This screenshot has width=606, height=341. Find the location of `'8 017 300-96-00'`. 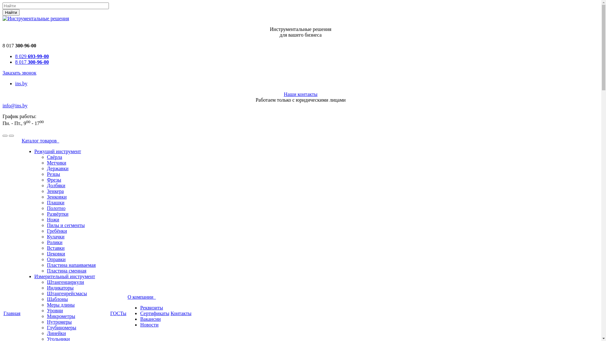

'8 017 300-96-00' is located at coordinates (32, 62).